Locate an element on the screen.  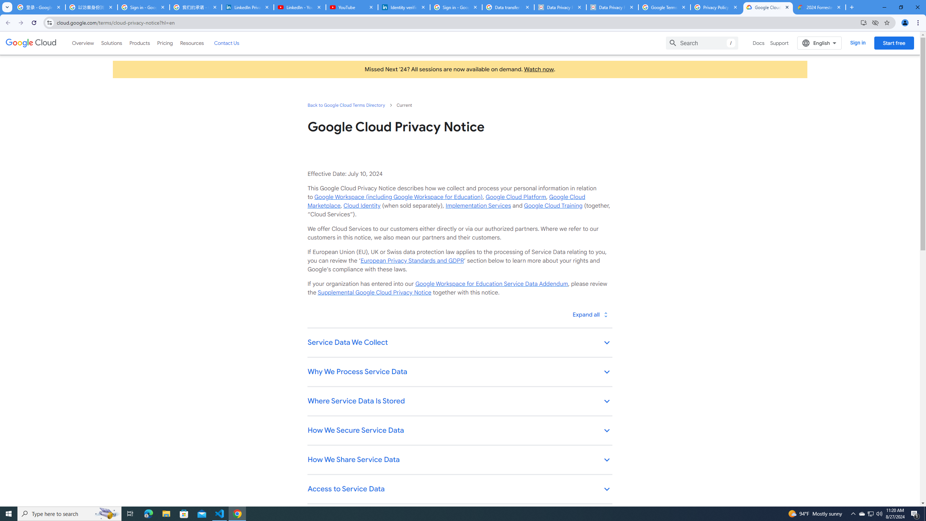
'Sign in' is located at coordinates (858, 43).